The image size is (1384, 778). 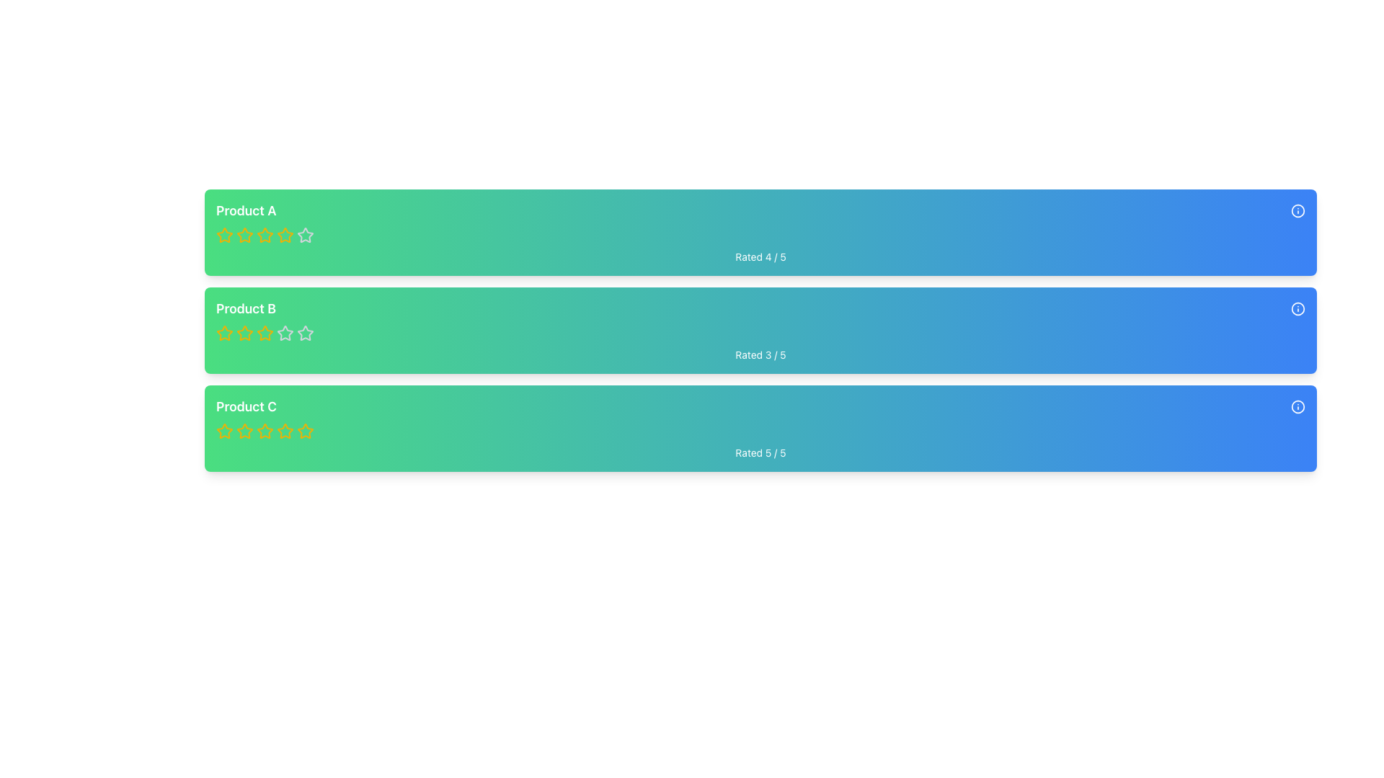 I want to click on the first star rating icon for 'Product C' to rate it with one star, so click(x=223, y=429).